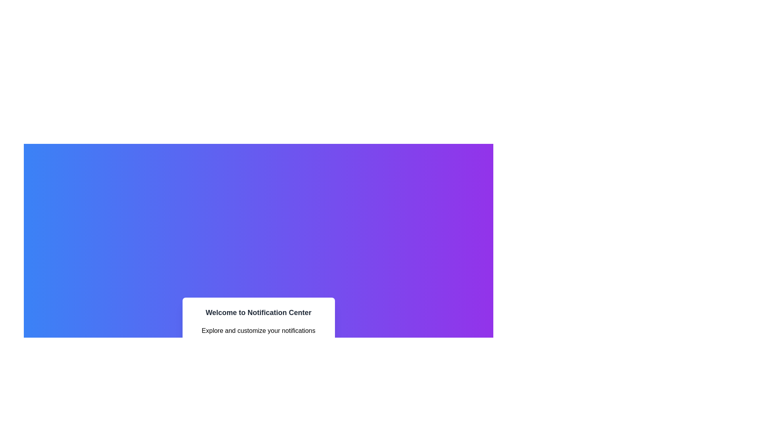  What do you see at coordinates (258, 336) in the screenshot?
I see `the text element providing additional descriptive information about the notification customization utilities, located under the heading 'Welcome to Notification Center'` at bounding box center [258, 336].